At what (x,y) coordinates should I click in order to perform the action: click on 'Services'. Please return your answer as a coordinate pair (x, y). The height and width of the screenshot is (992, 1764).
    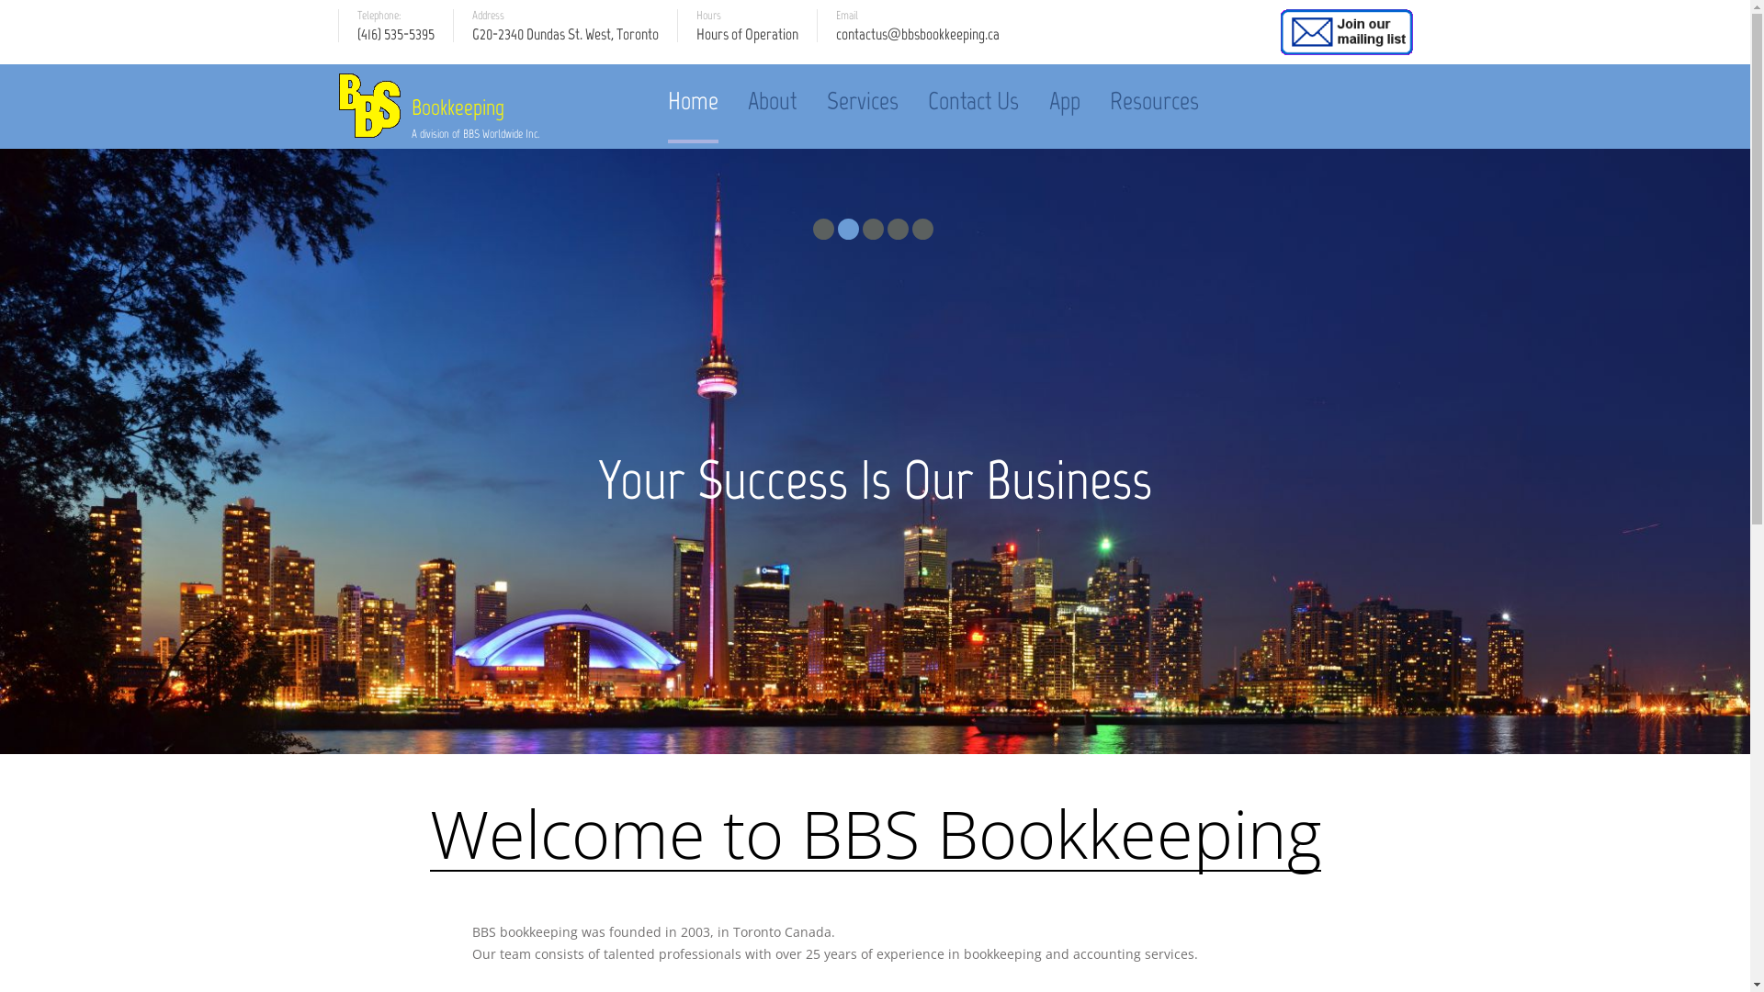
    Looking at the image, I should click on (862, 100).